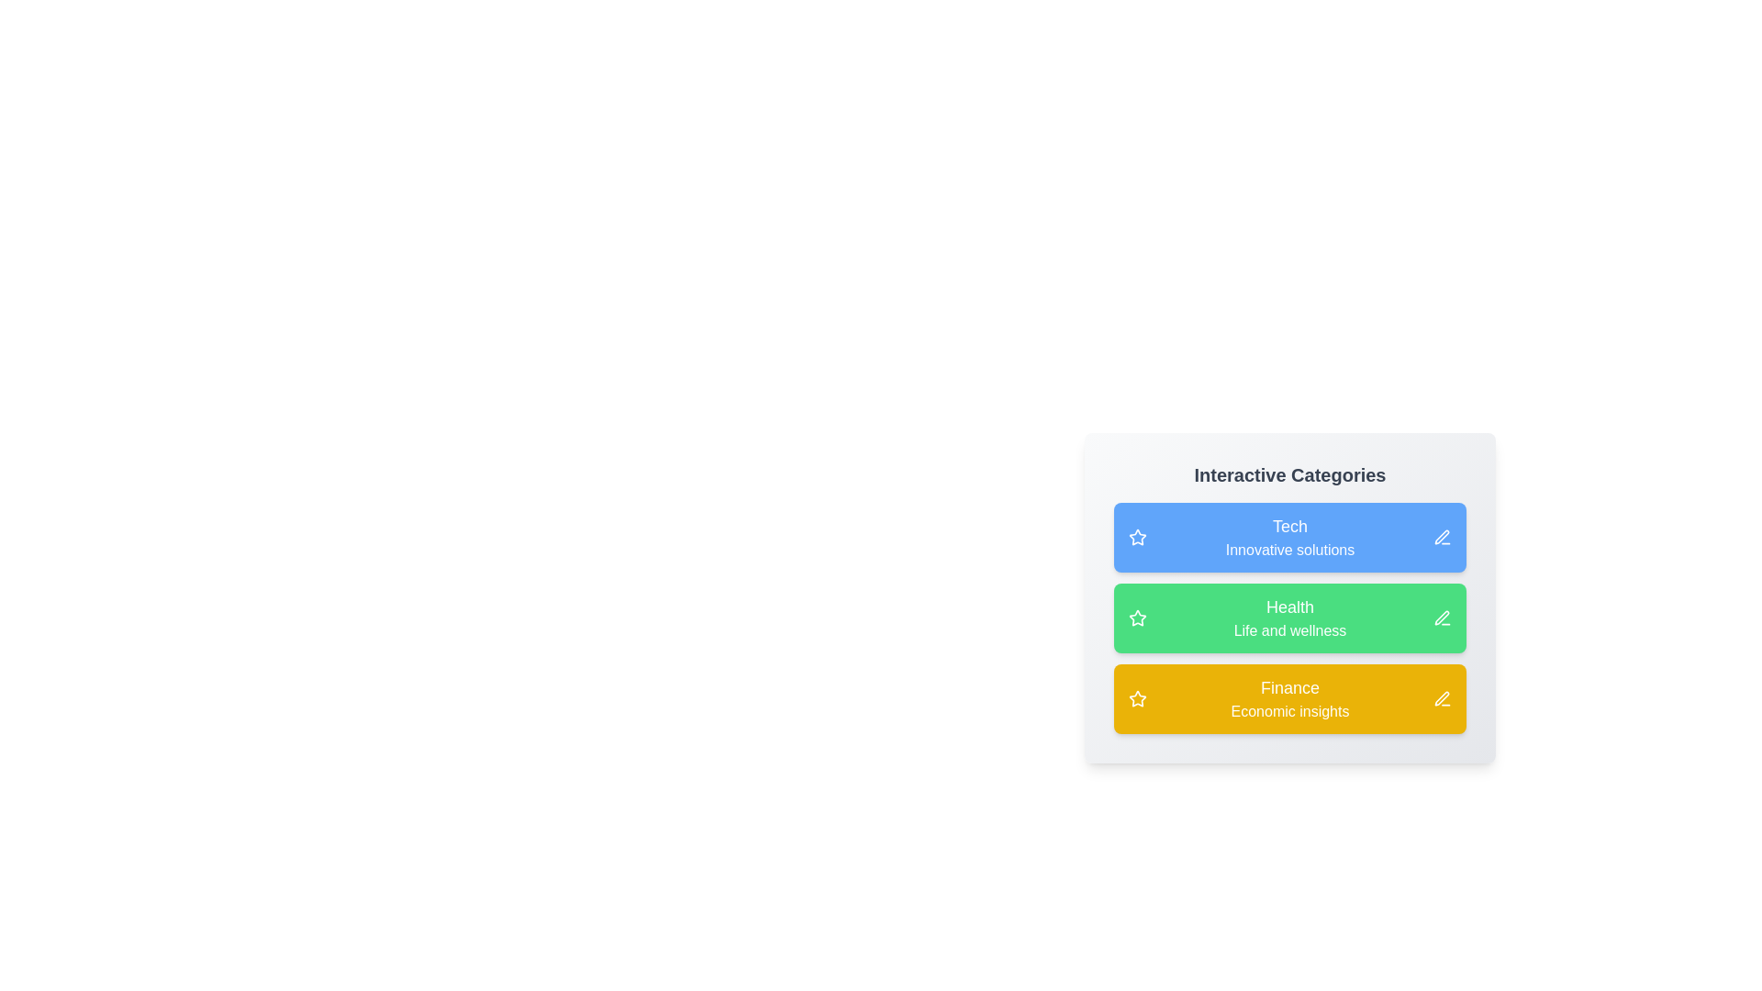  Describe the element at coordinates (1136, 618) in the screenshot. I see `star icon next to the category Health` at that location.